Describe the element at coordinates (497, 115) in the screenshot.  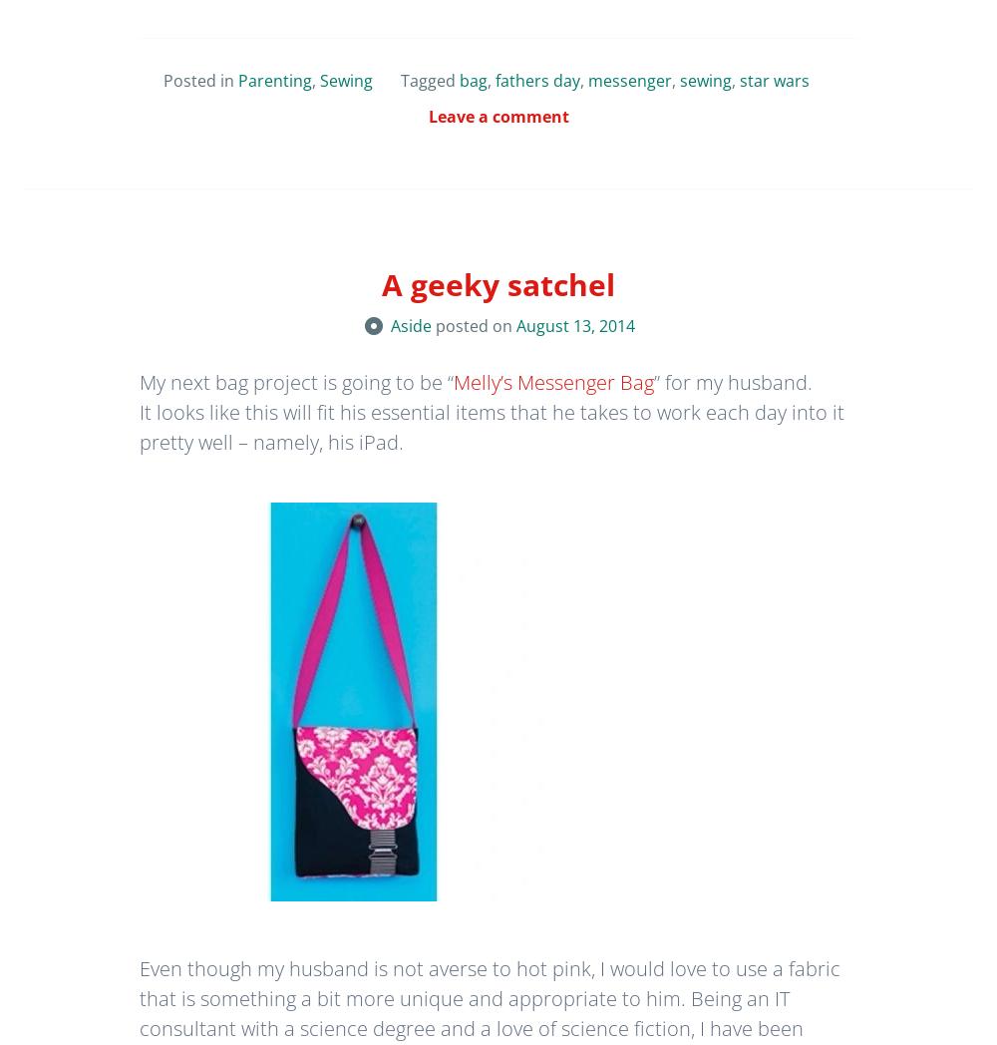
I see `'Leave a comment'` at that location.